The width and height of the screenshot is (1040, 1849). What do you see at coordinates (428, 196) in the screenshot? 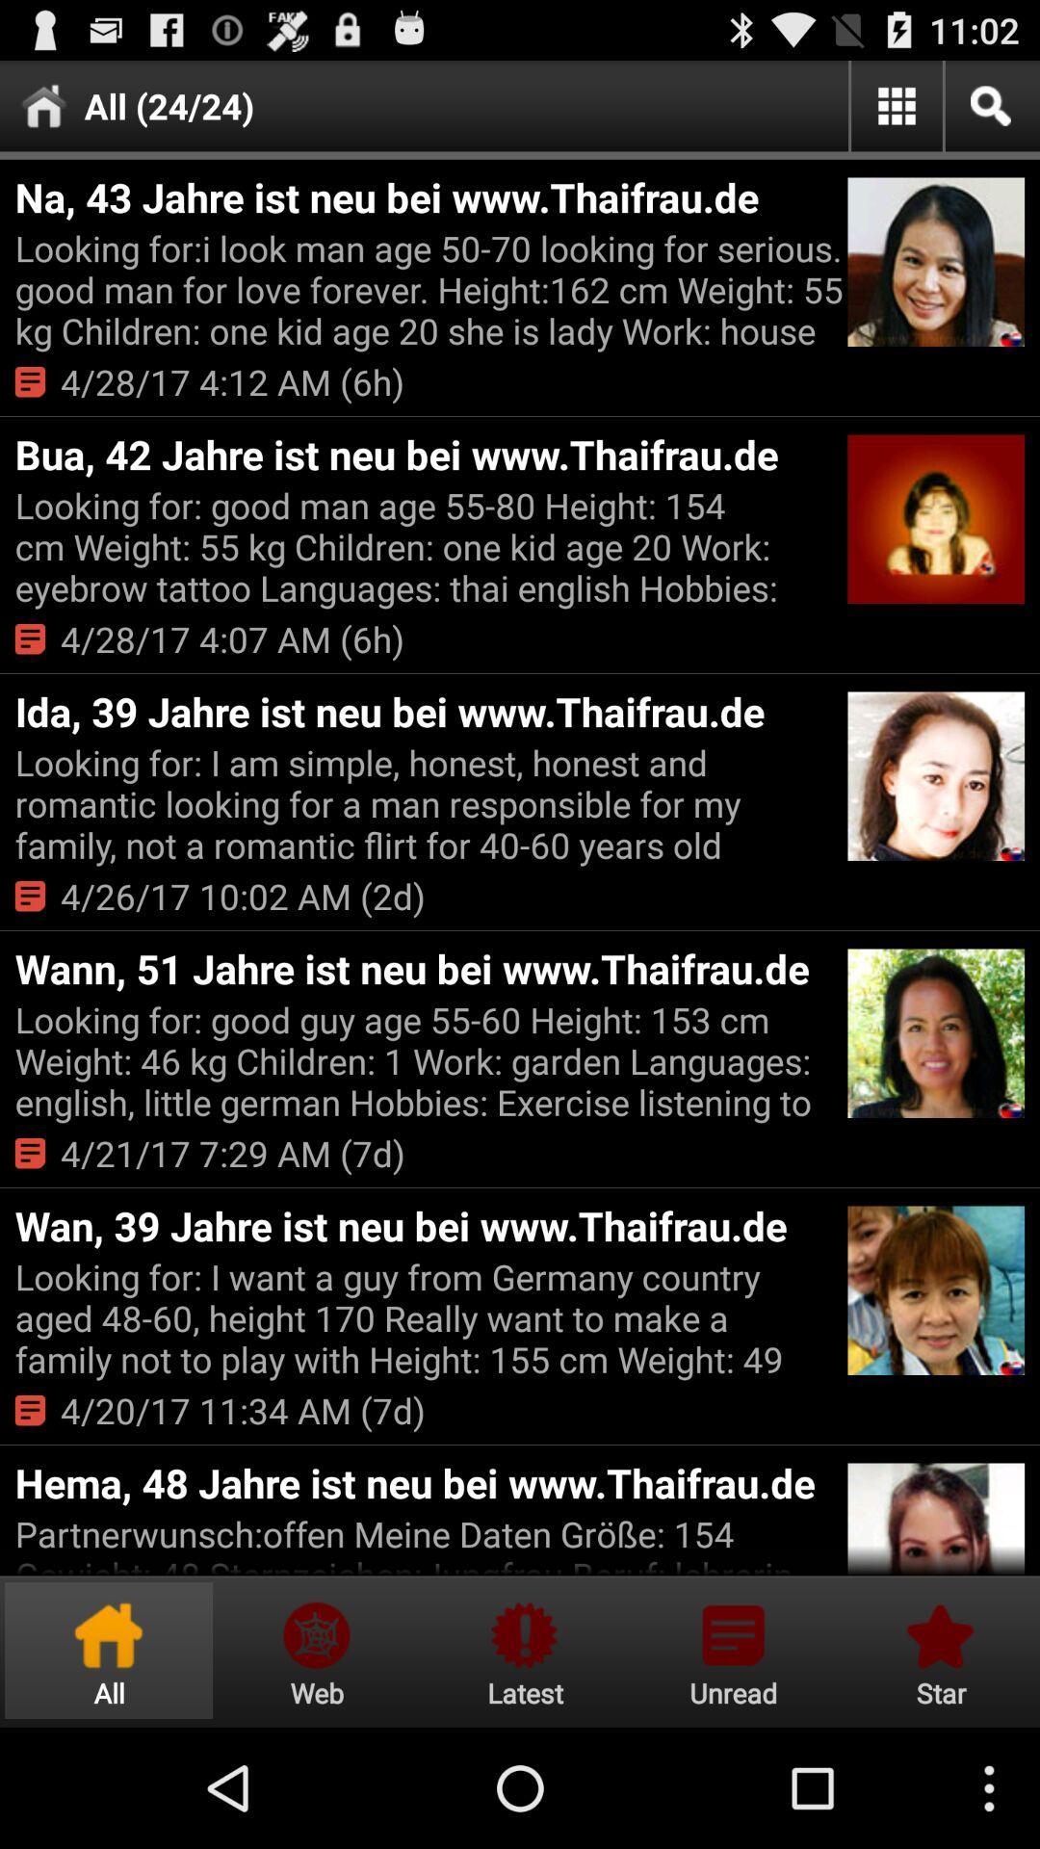
I see `app above the looking for i item` at bounding box center [428, 196].